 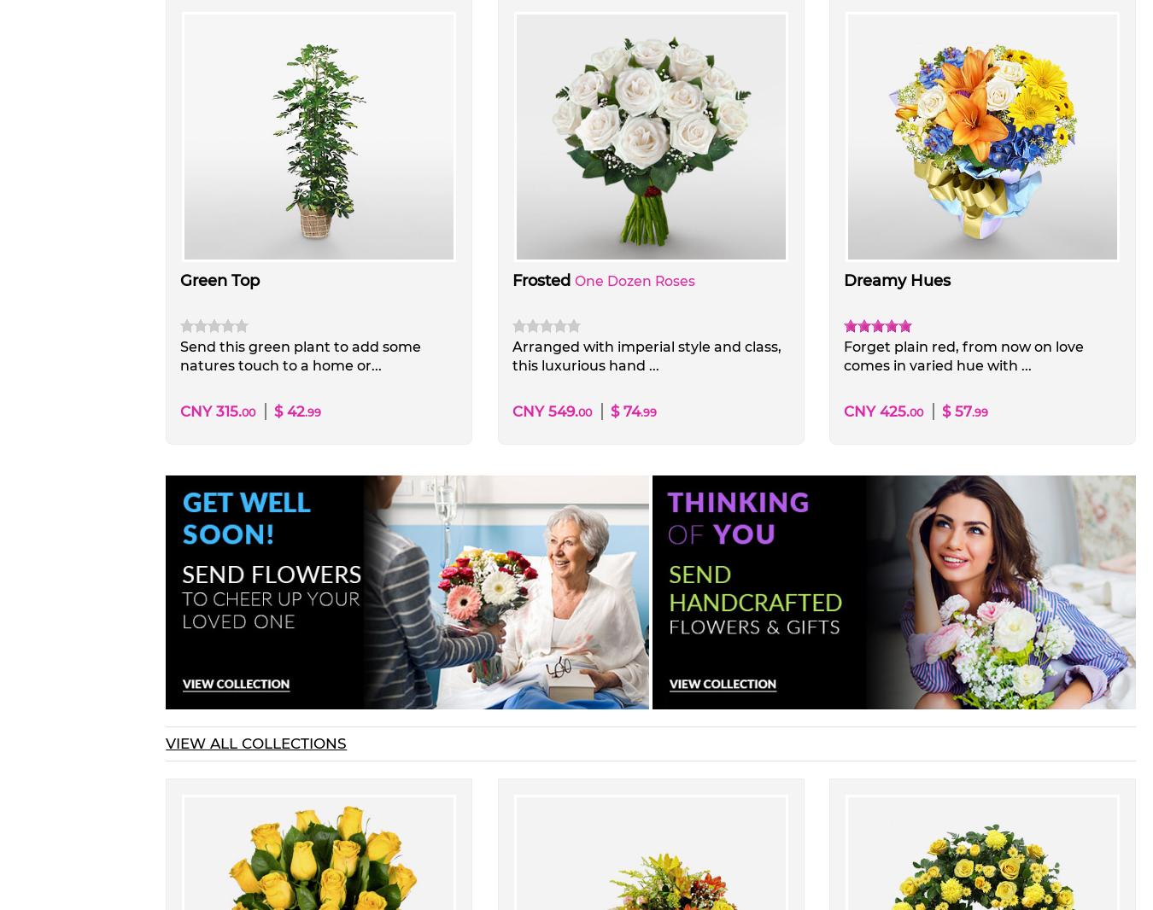 What do you see at coordinates (841, 411) in the screenshot?
I see `'CNY 425.'` at bounding box center [841, 411].